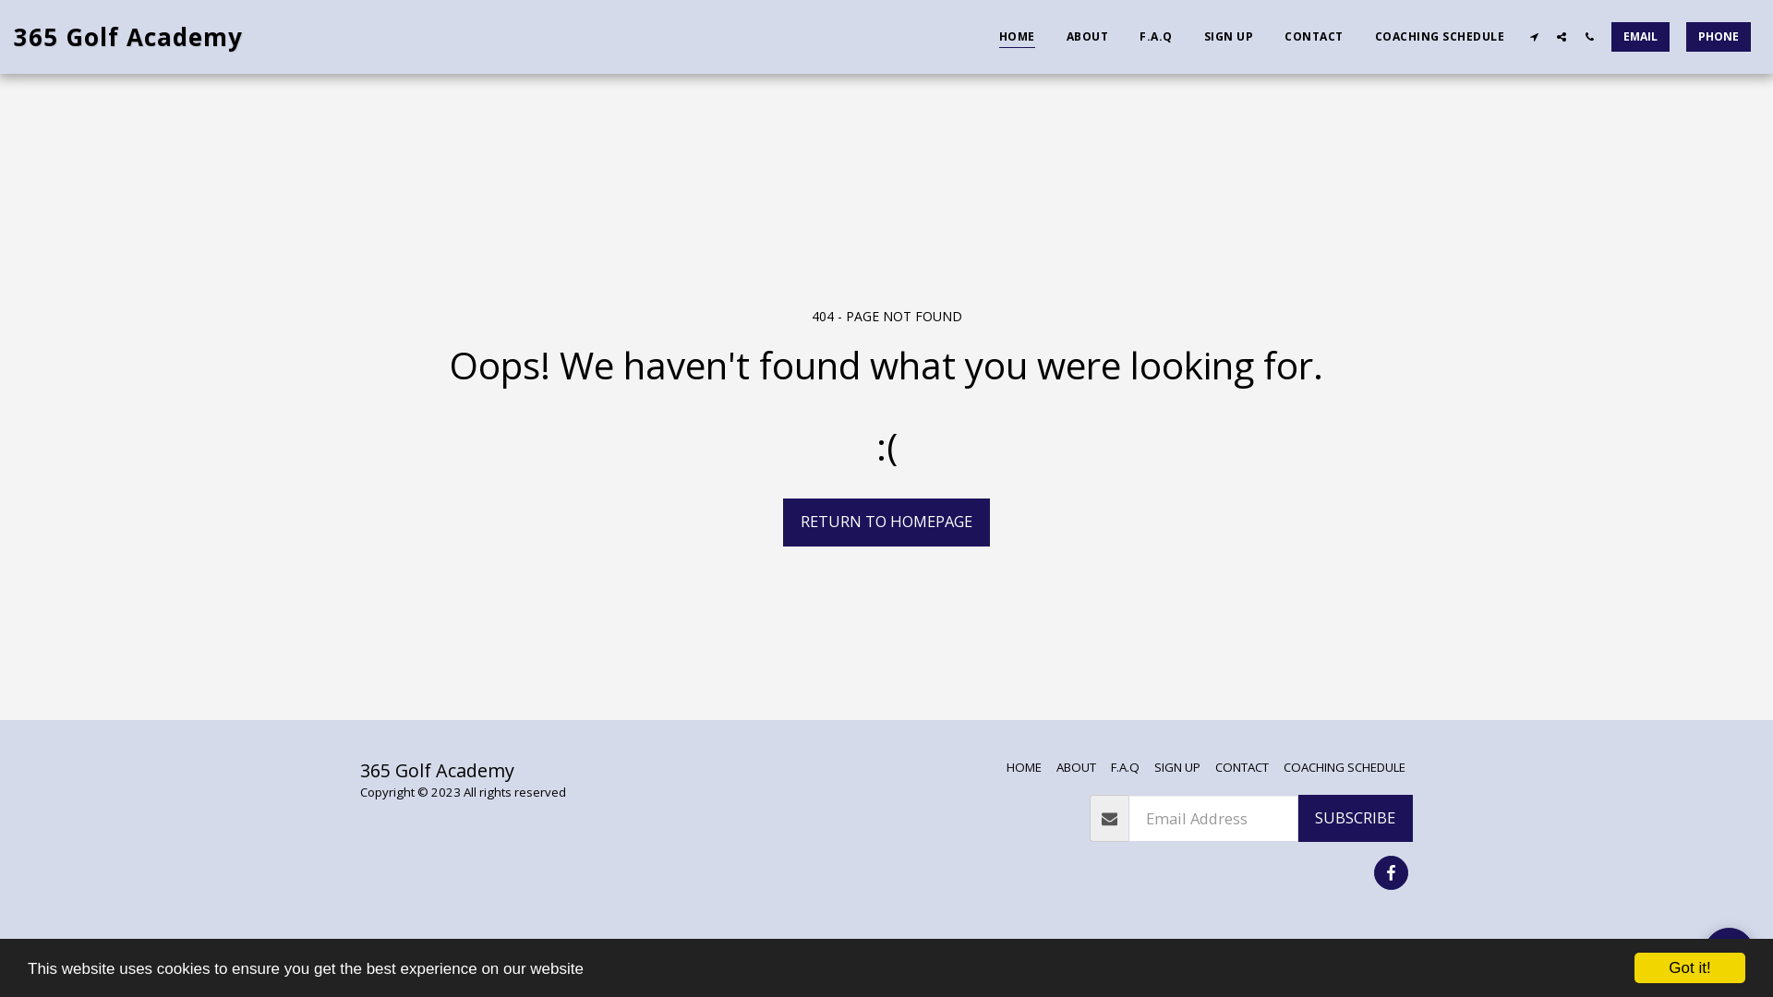 The height and width of the screenshot is (997, 1773). Describe the element at coordinates (1689, 967) in the screenshot. I see `'Got it!'` at that location.